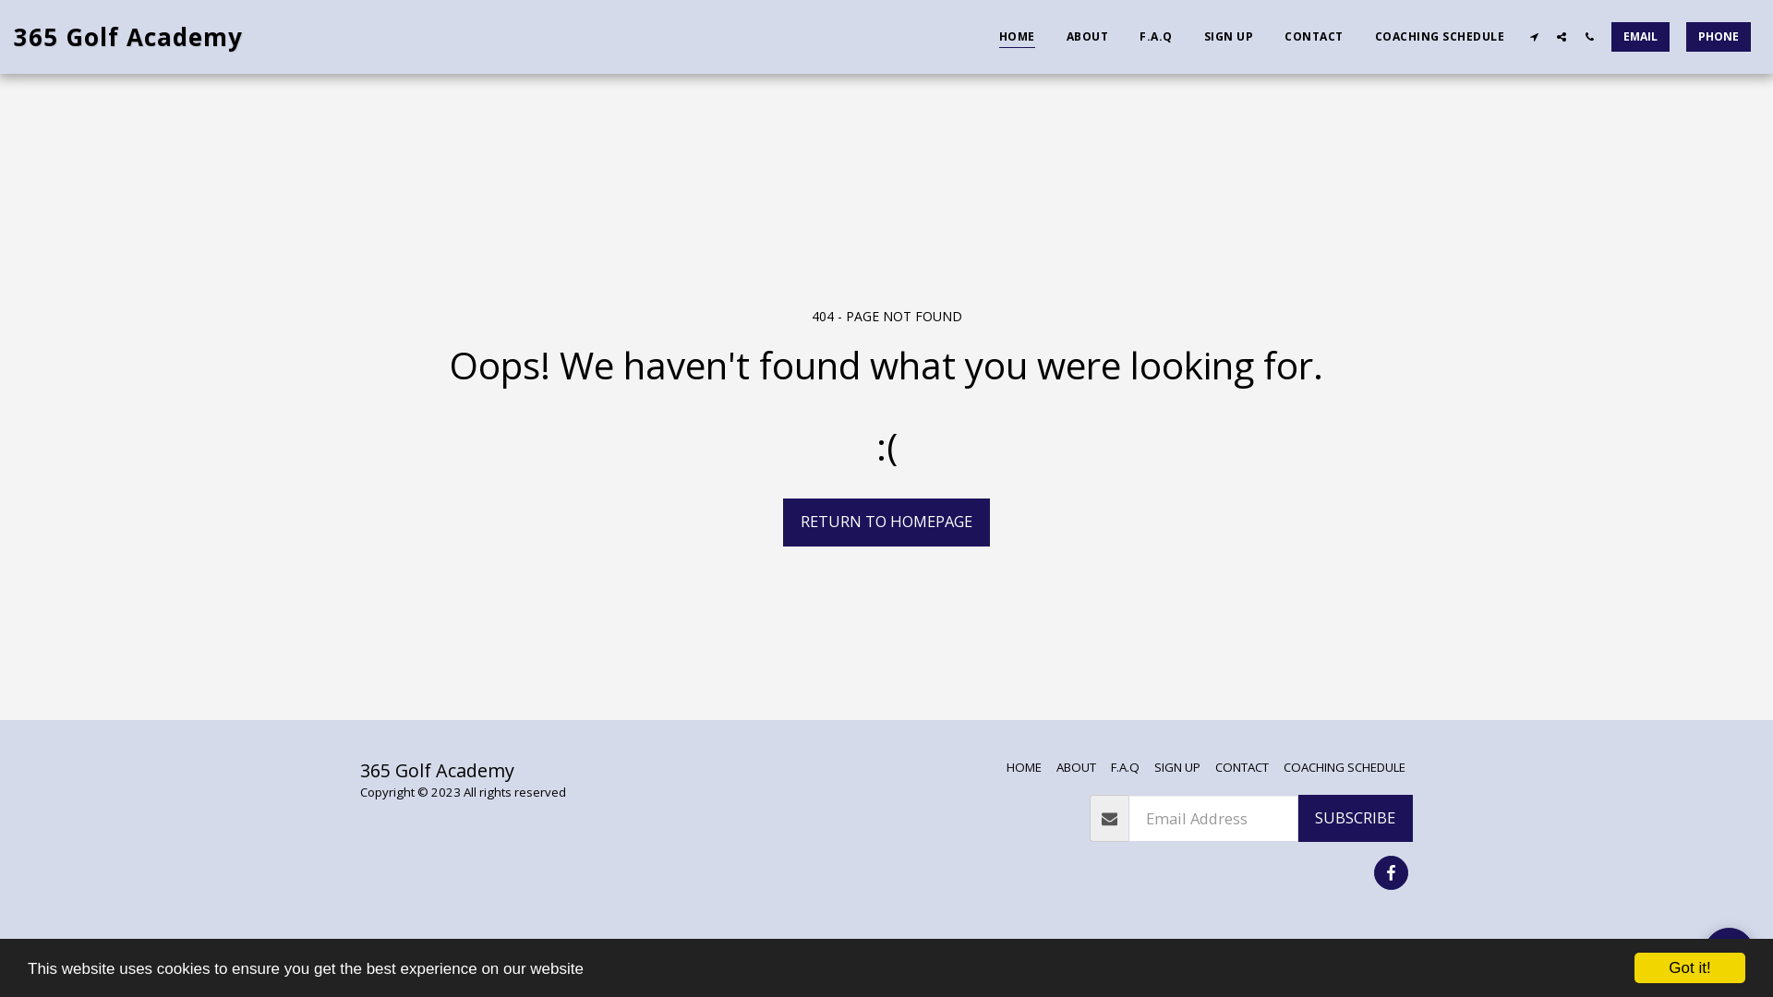 The height and width of the screenshot is (997, 1773). Describe the element at coordinates (1689, 967) in the screenshot. I see `'Got it!'` at that location.